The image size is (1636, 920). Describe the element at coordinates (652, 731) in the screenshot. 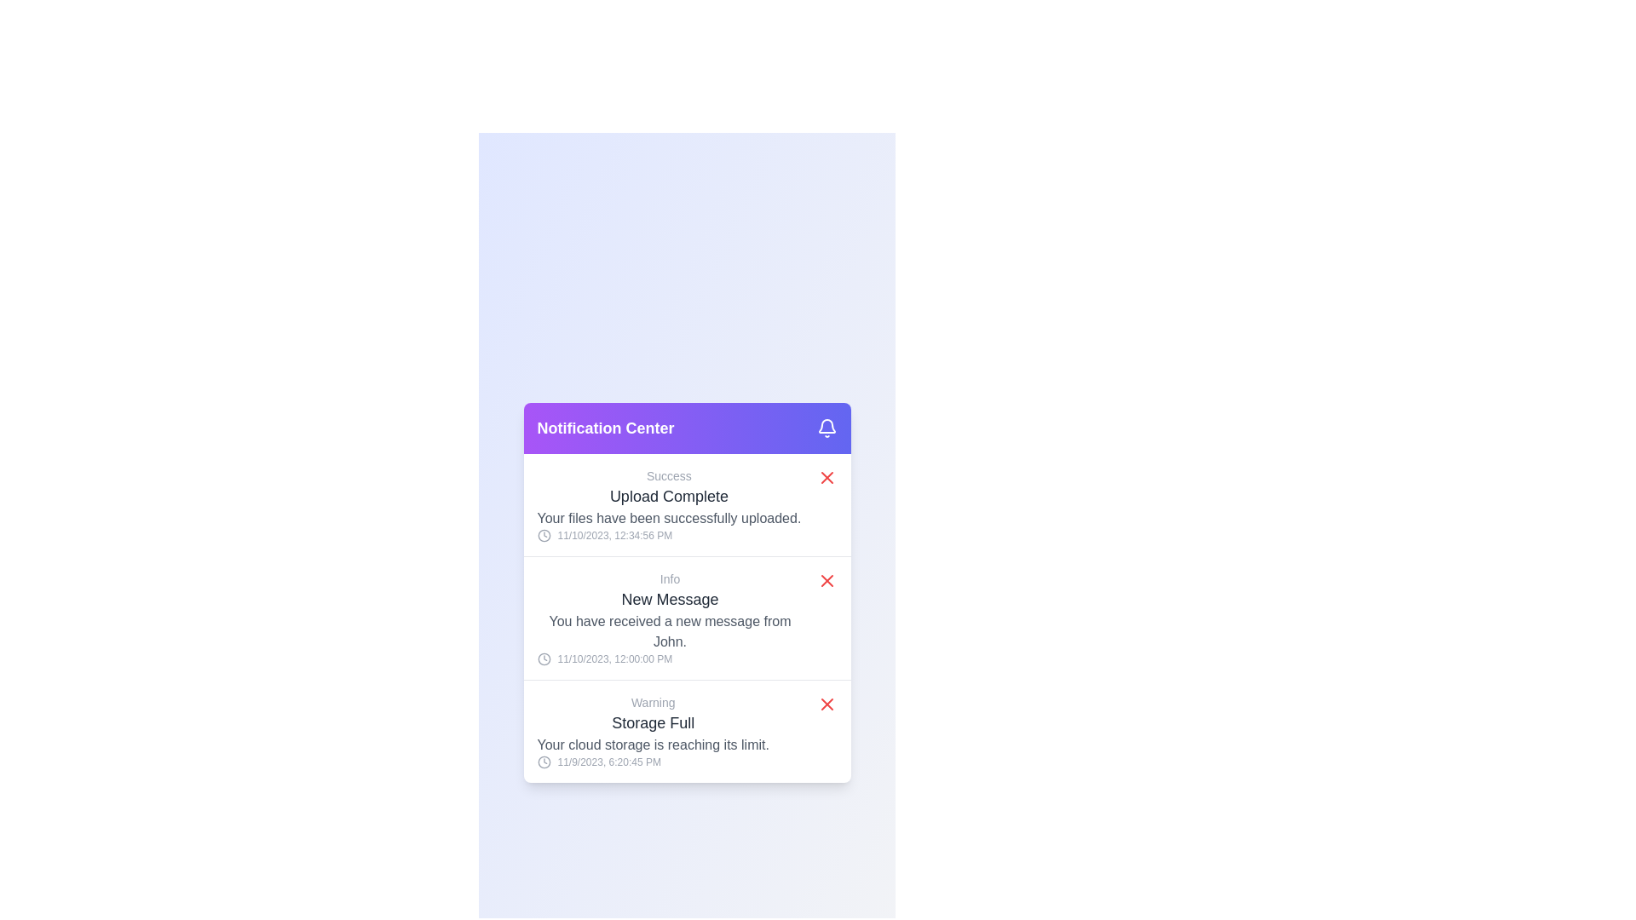

I see `the timestamp on the Notification Card that alerts the user about their cloud storage being nearly full, located at the bottom of the Notification Center panel` at that location.